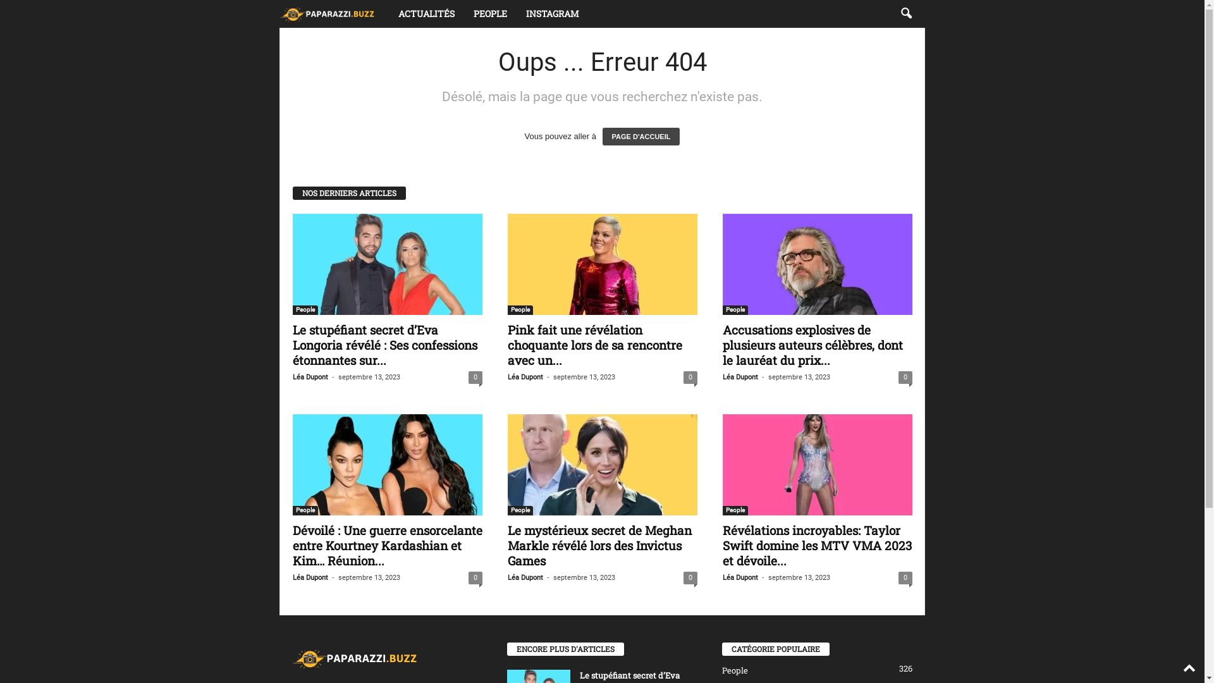 The height and width of the screenshot is (683, 1214). Describe the element at coordinates (475, 377) in the screenshot. I see `'0'` at that location.